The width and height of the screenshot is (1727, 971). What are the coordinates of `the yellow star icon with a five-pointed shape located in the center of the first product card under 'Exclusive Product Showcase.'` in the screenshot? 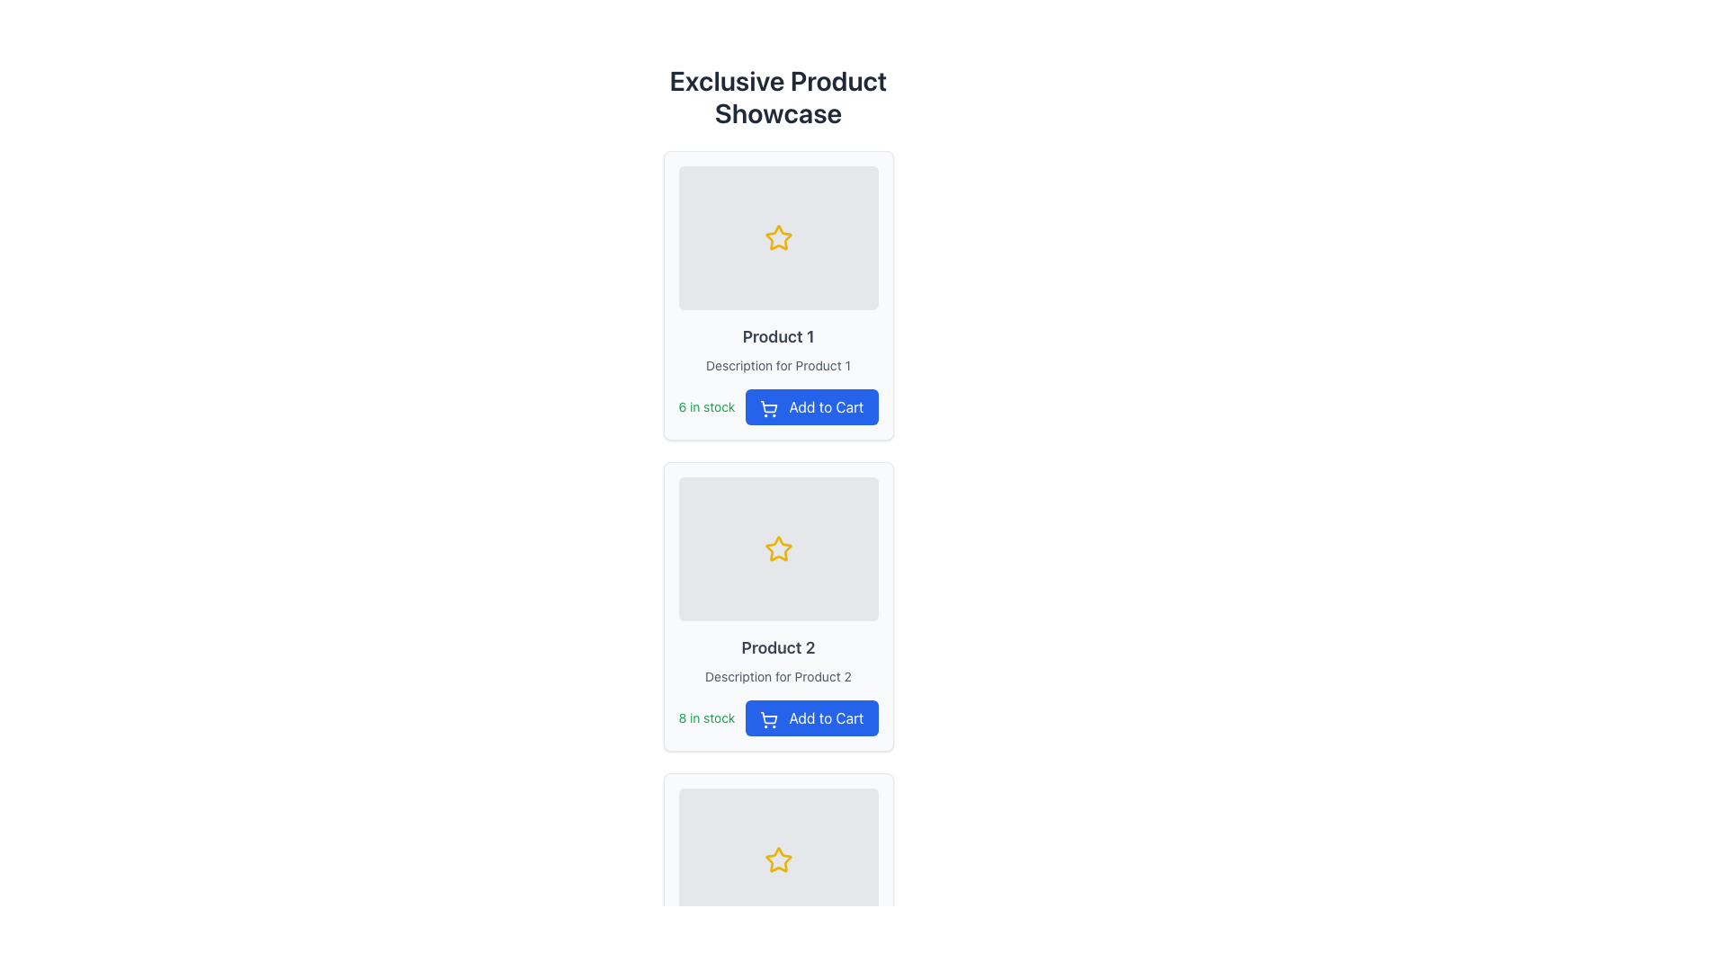 It's located at (778, 236).